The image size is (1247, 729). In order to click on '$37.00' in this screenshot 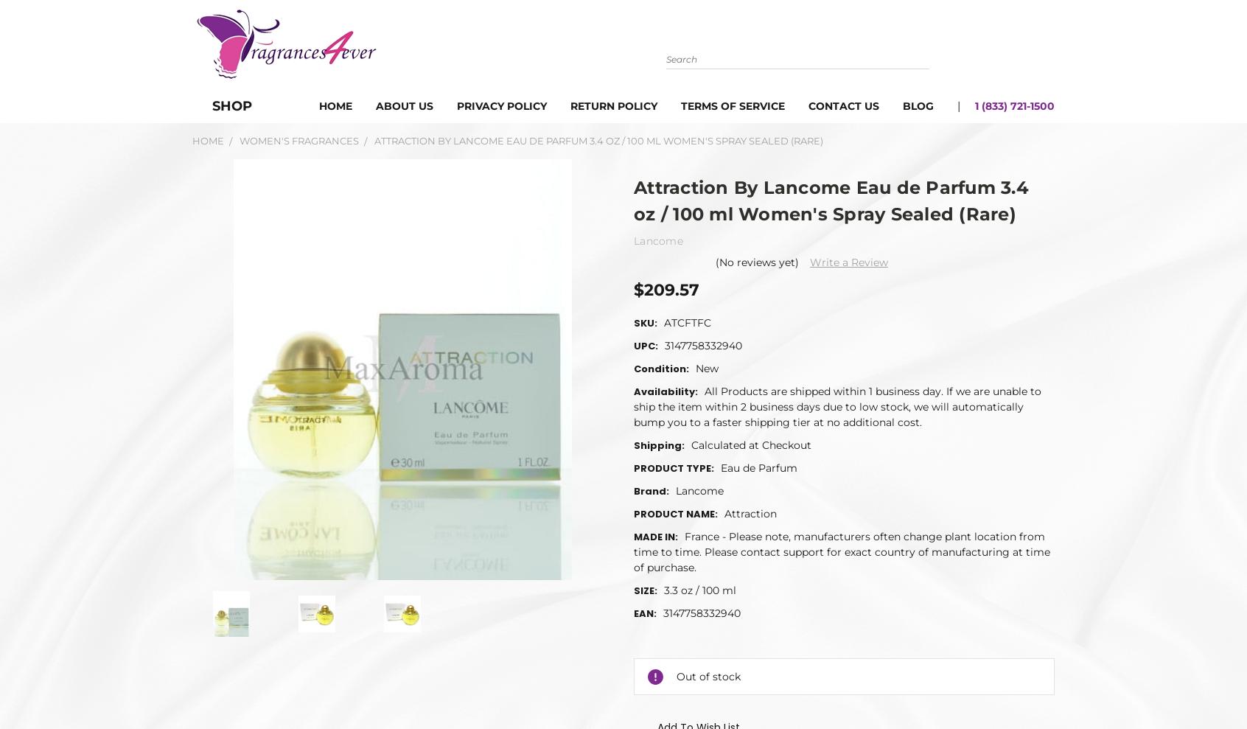, I will do `click(712, 700)`.